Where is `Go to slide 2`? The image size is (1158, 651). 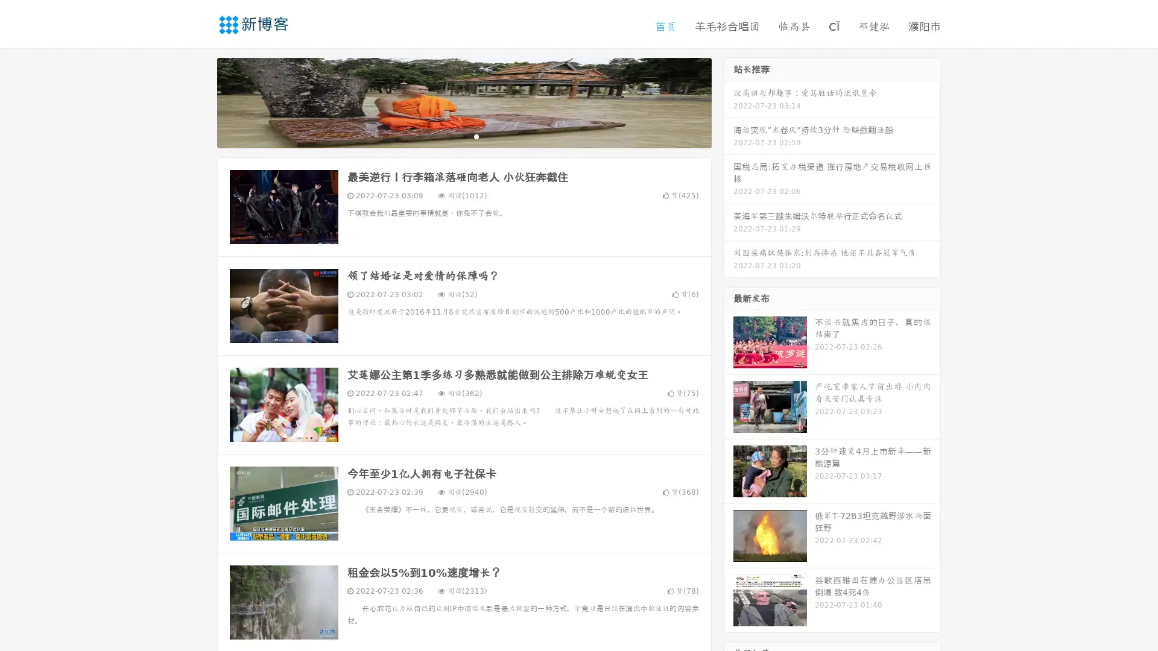 Go to slide 2 is located at coordinates (463, 136).